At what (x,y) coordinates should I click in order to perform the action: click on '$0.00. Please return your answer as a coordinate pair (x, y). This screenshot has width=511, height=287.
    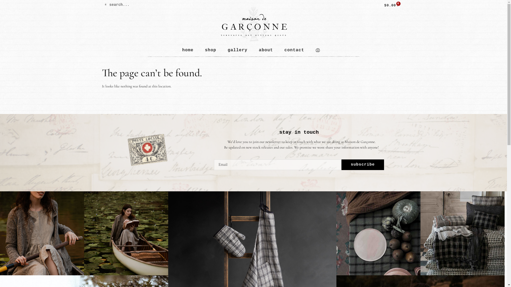
    Looking at the image, I should click on (391, 5).